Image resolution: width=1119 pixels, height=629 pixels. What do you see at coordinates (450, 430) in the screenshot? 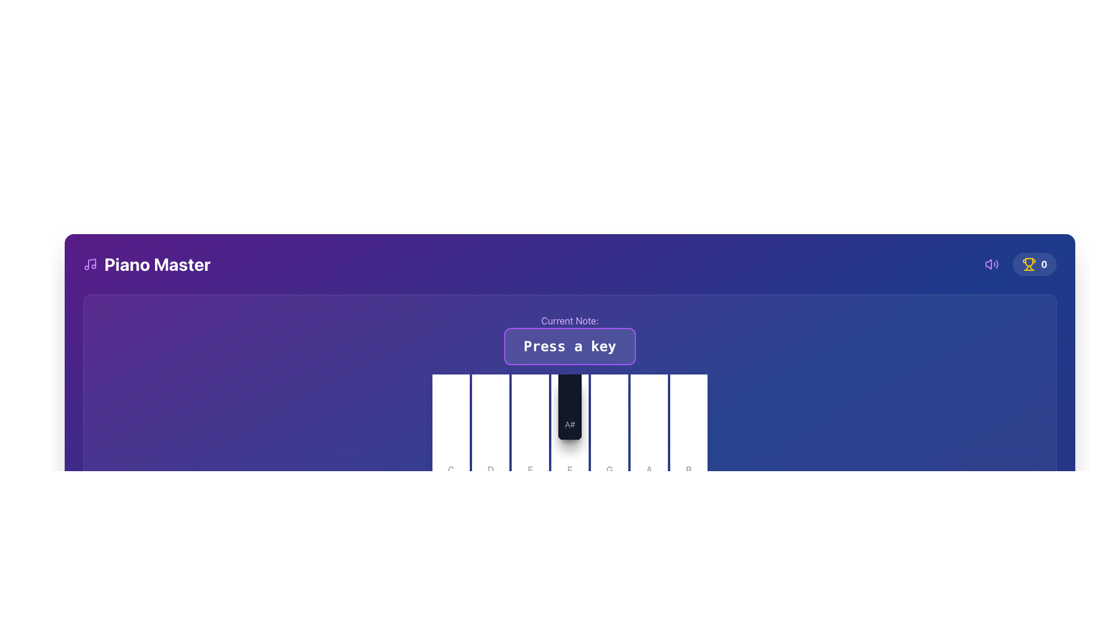
I see `the piano key representing the note 'C' to simulate pressing the key` at bounding box center [450, 430].